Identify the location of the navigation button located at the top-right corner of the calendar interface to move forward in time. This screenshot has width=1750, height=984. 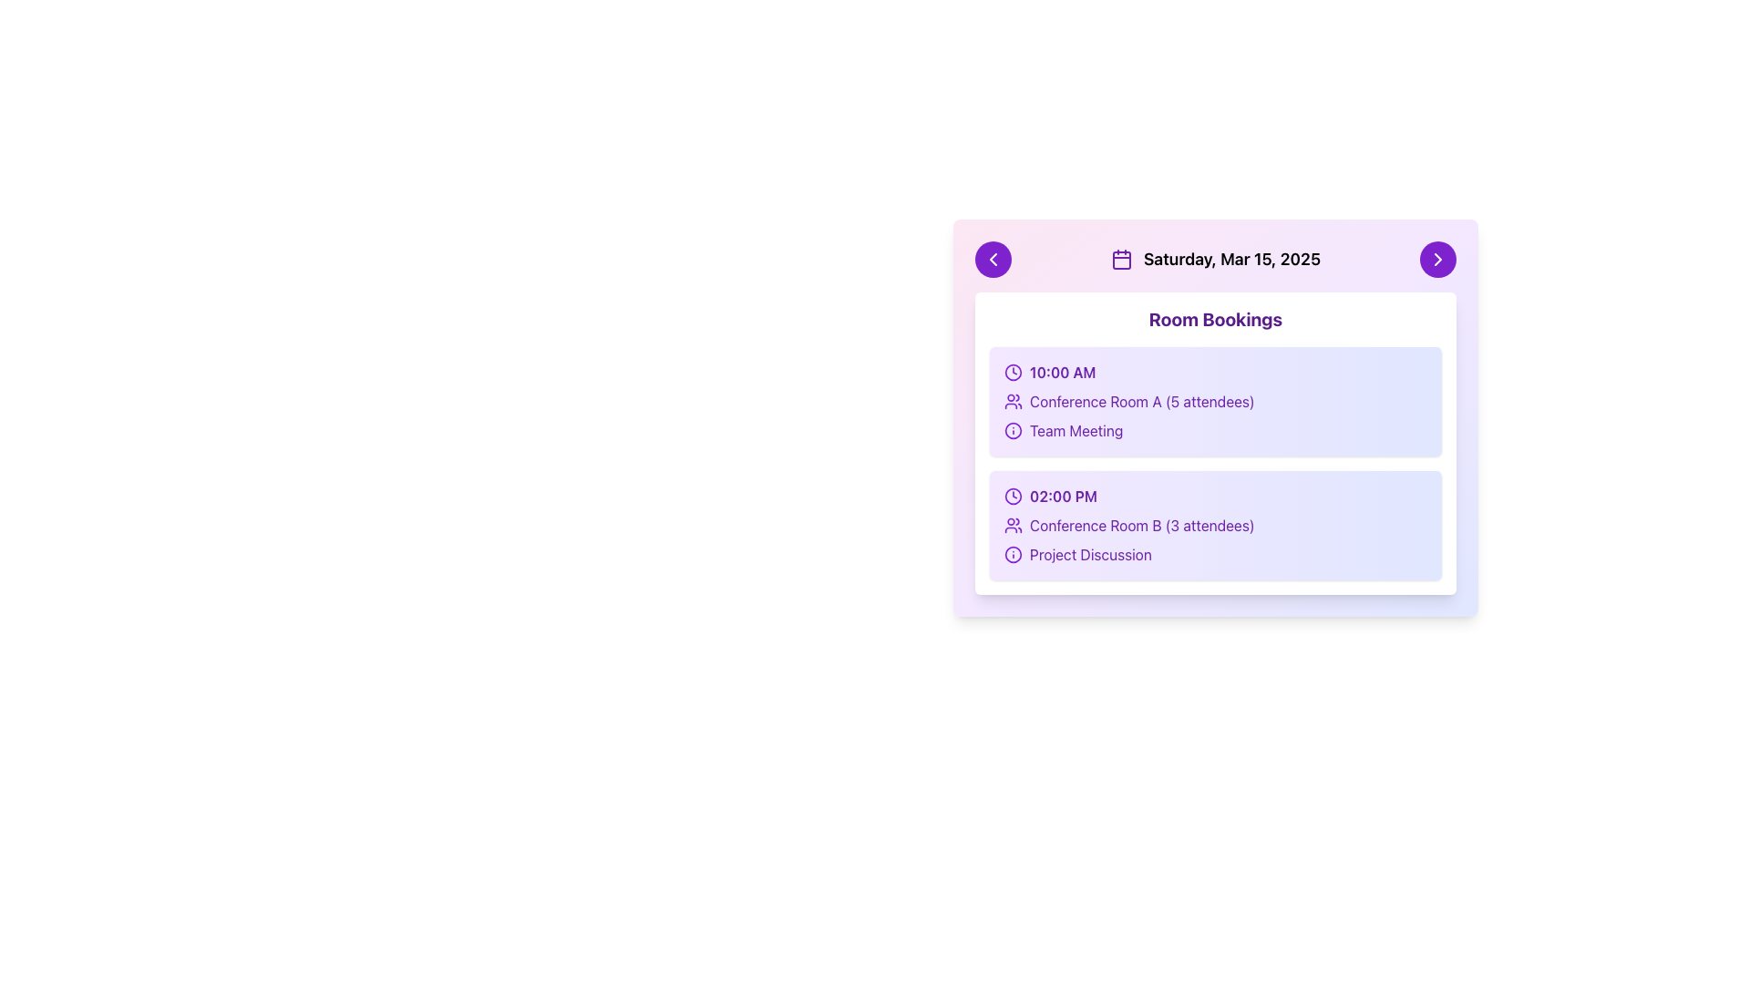
(1437, 260).